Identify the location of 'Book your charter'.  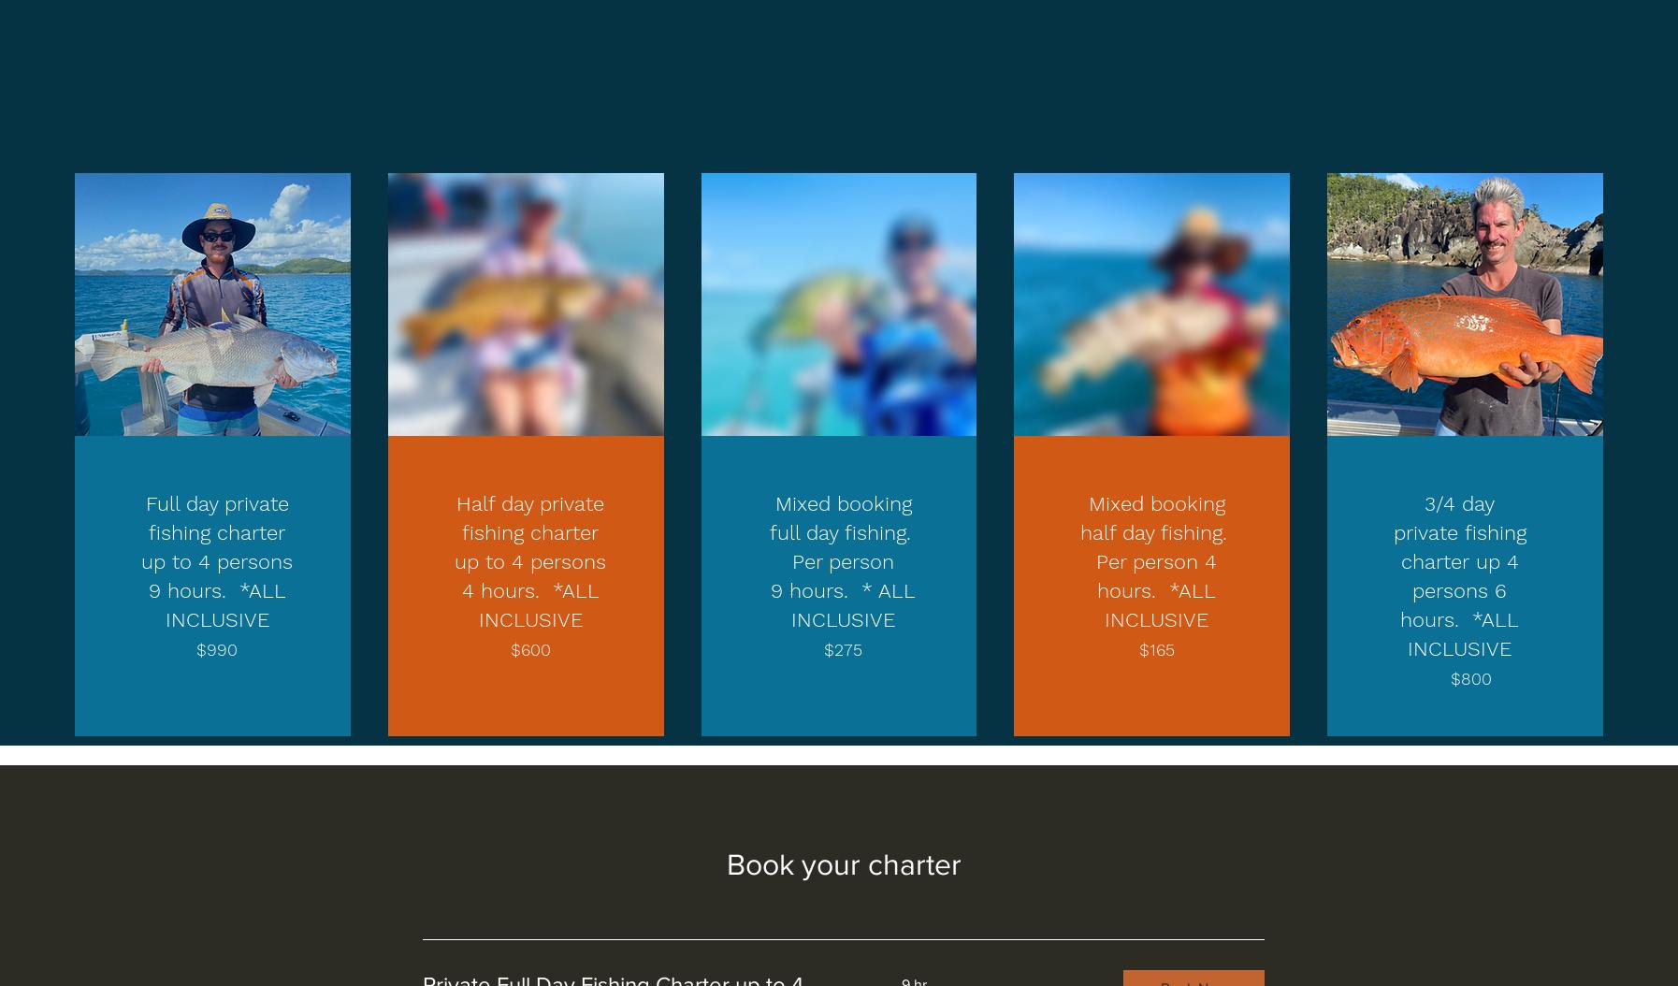
(842, 863).